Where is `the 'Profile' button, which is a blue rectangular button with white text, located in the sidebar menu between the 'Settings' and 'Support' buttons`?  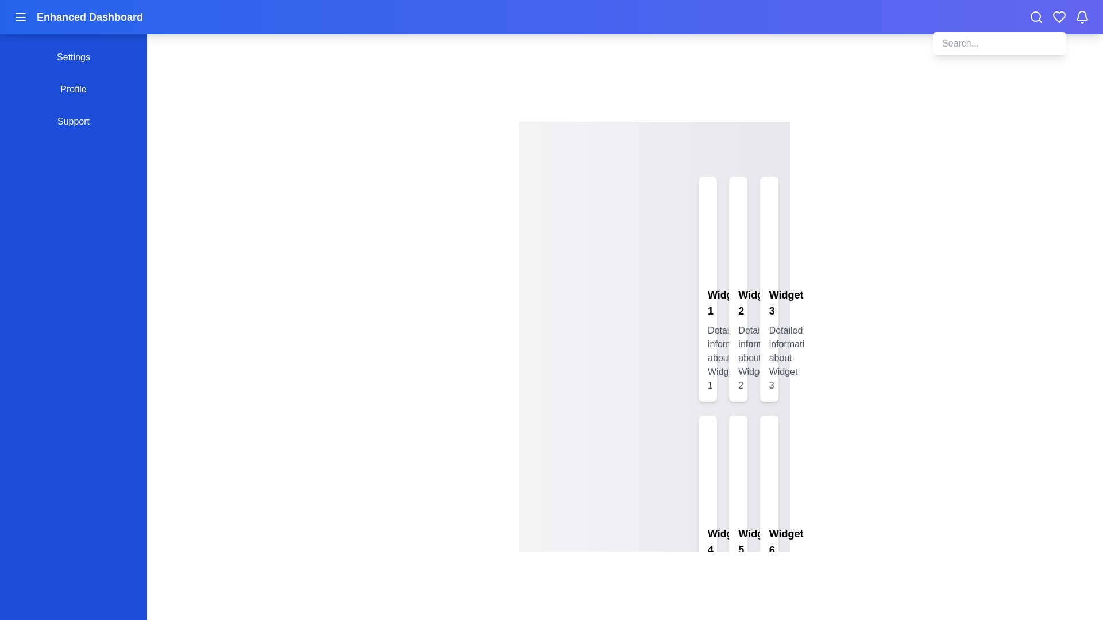 the 'Profile' button, which is a blue rectangular button with white text, located in the sidebar menu between the 'Settings' and 'Support' buttons is located at coordinates (73, 88).